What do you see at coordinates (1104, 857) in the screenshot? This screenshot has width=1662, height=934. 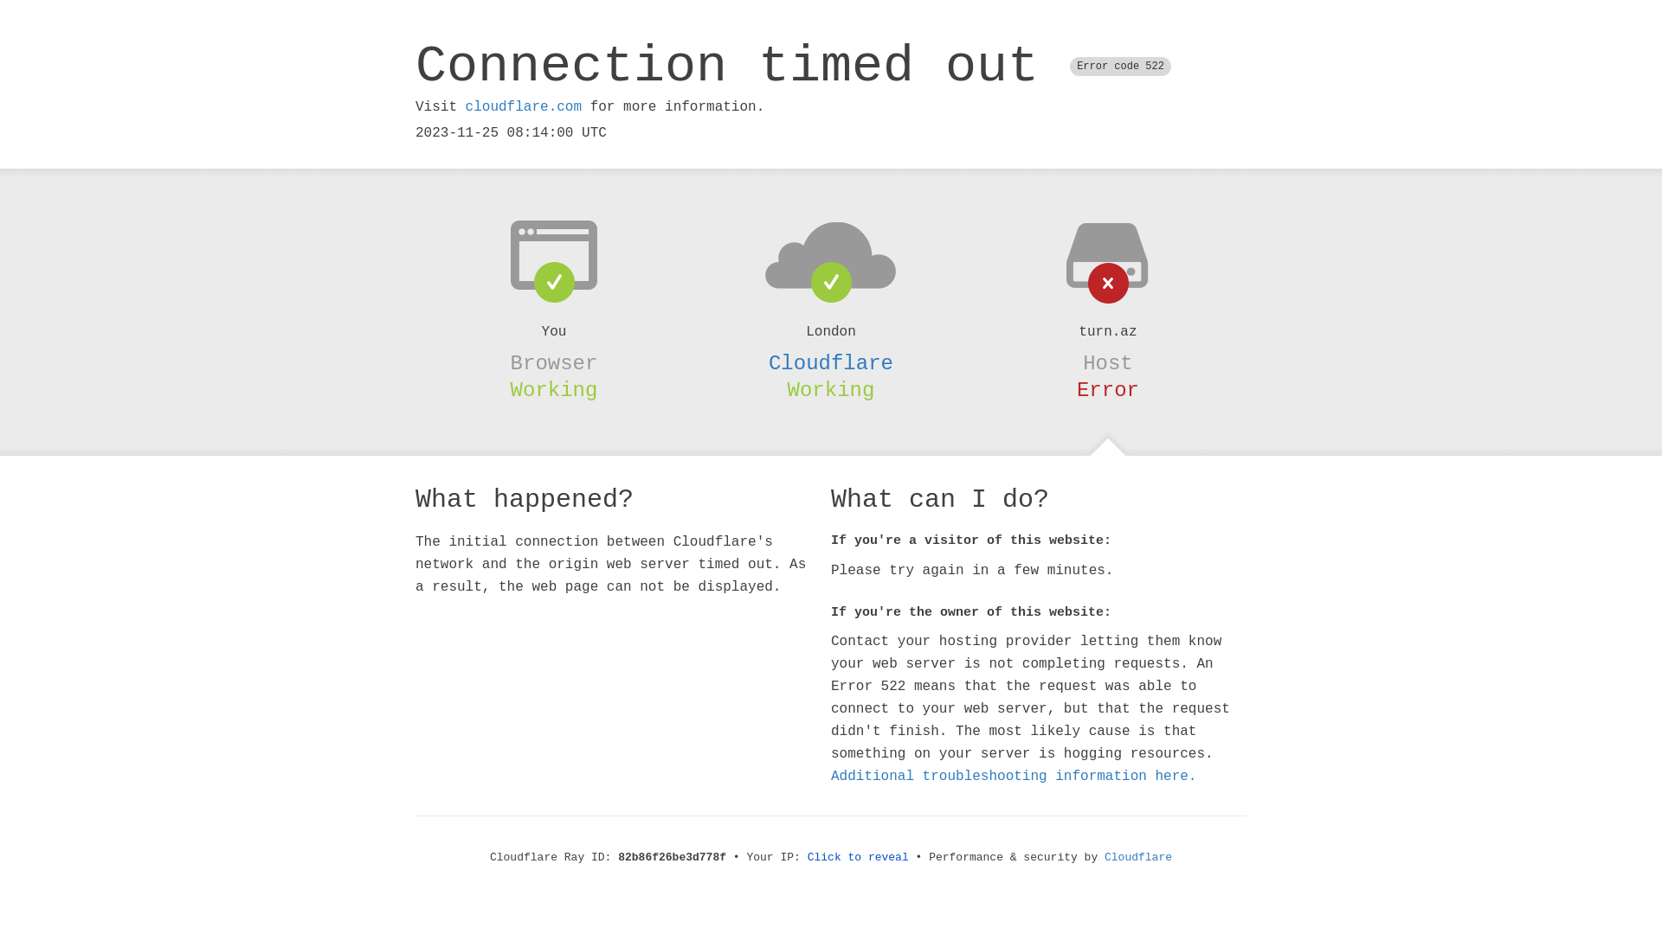 I see `'Cloudflare'` at bounding box center [1104, 857].